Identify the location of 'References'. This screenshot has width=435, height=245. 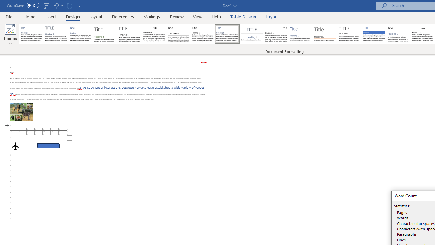
(123, 16).